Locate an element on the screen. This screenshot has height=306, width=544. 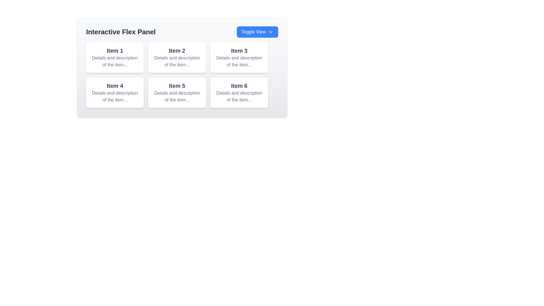
the text label containing 'Details and description of the item...' located within the card labeled 'Item 5', which is positioned in the bottom-center area of the grid is located at coordinates (177, 96).